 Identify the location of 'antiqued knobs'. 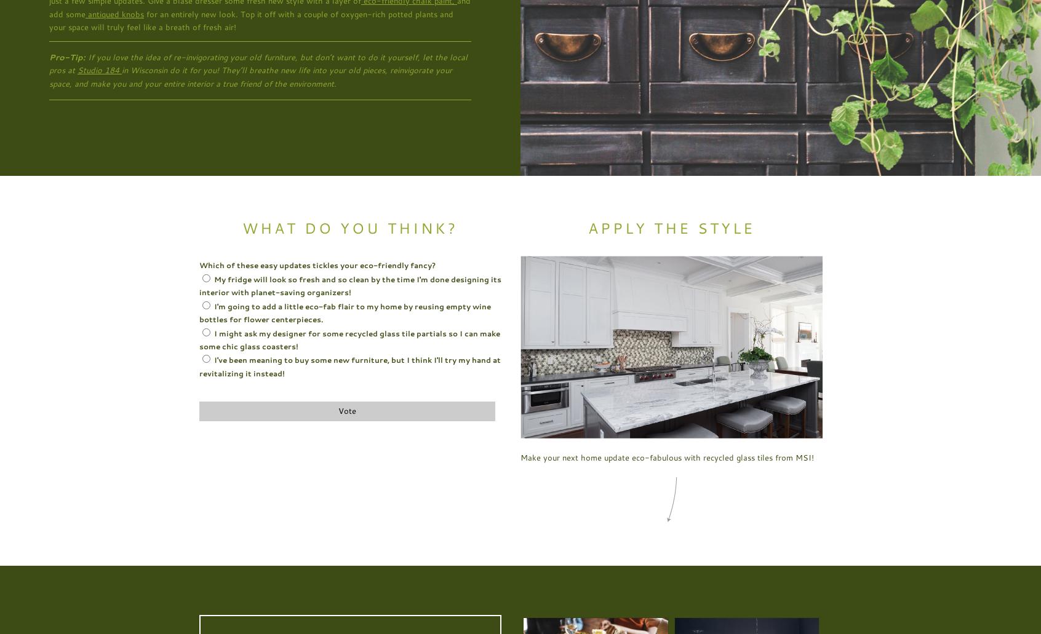
(114, 13).